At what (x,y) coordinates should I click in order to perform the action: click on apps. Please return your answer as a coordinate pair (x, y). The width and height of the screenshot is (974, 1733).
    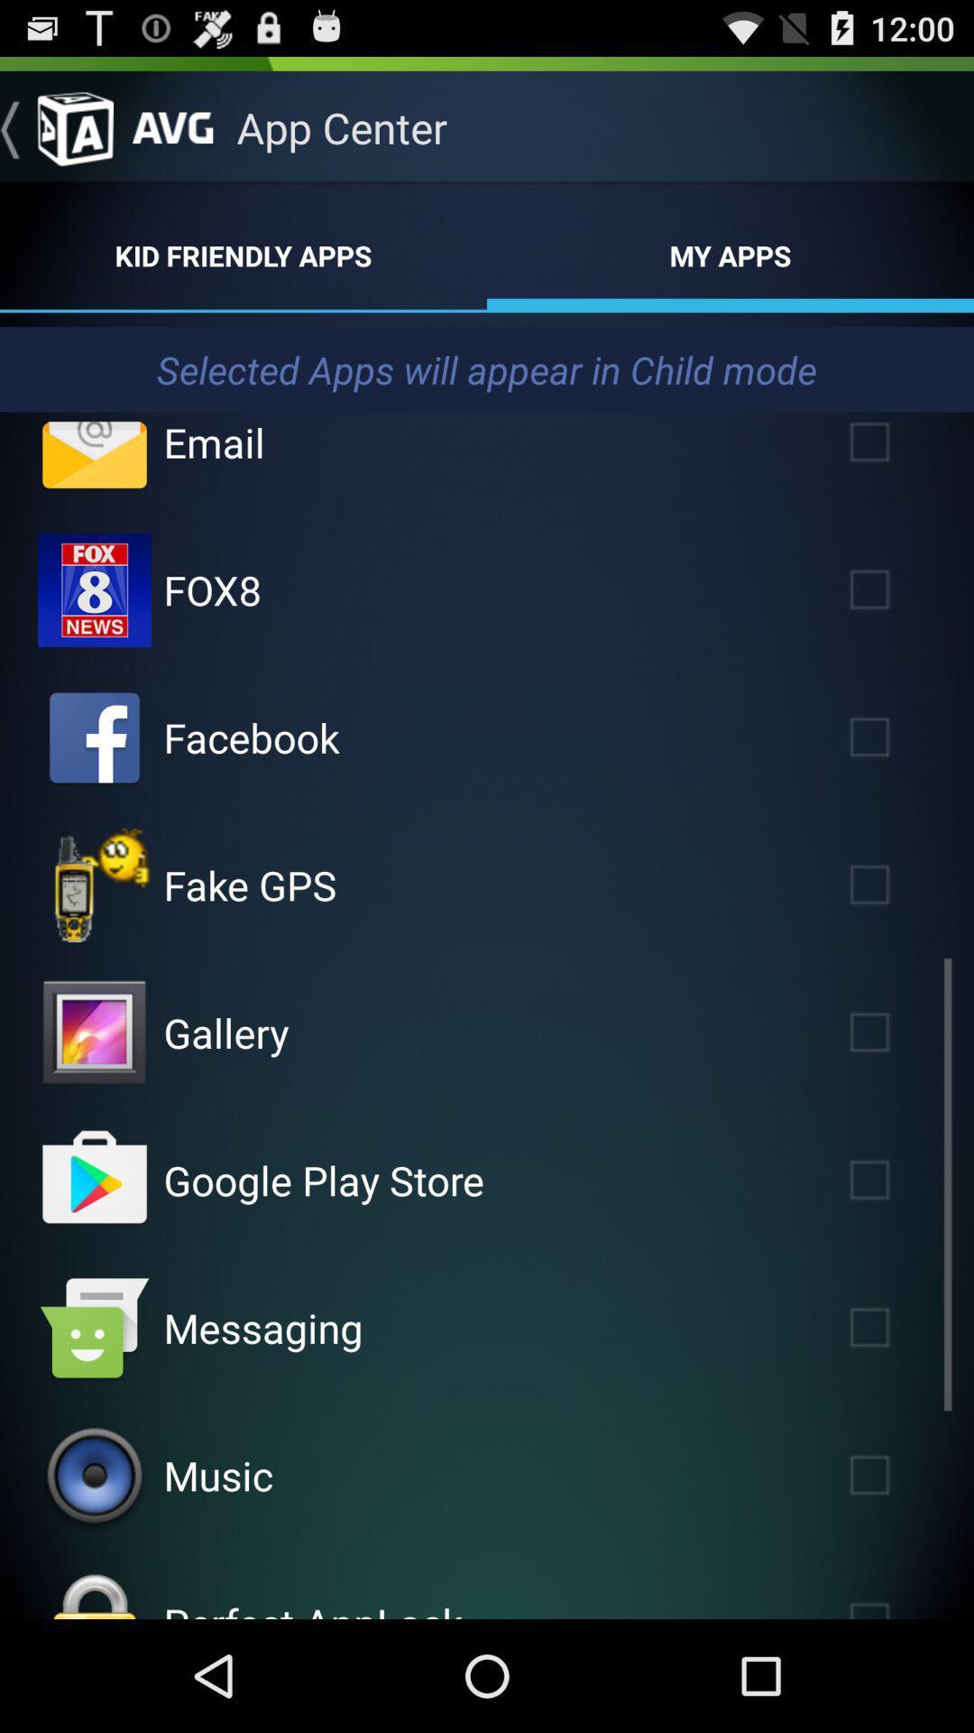
    Looking at the image, I should click on (896, 737).